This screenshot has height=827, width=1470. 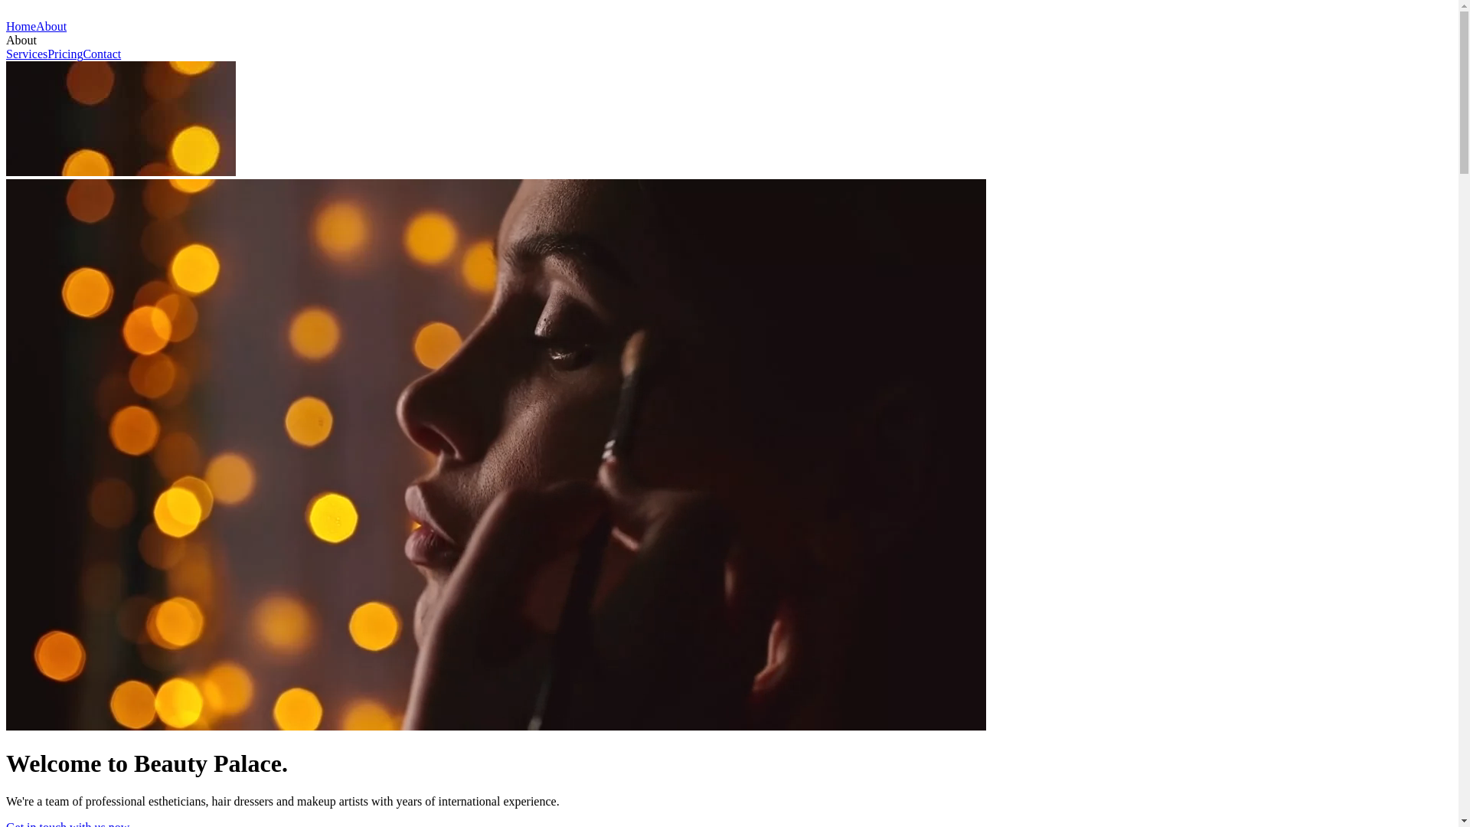 What do you see at coordinates (101, 53) in the screenshot?
I see `'Contact'` at bounding box center [101, 53].